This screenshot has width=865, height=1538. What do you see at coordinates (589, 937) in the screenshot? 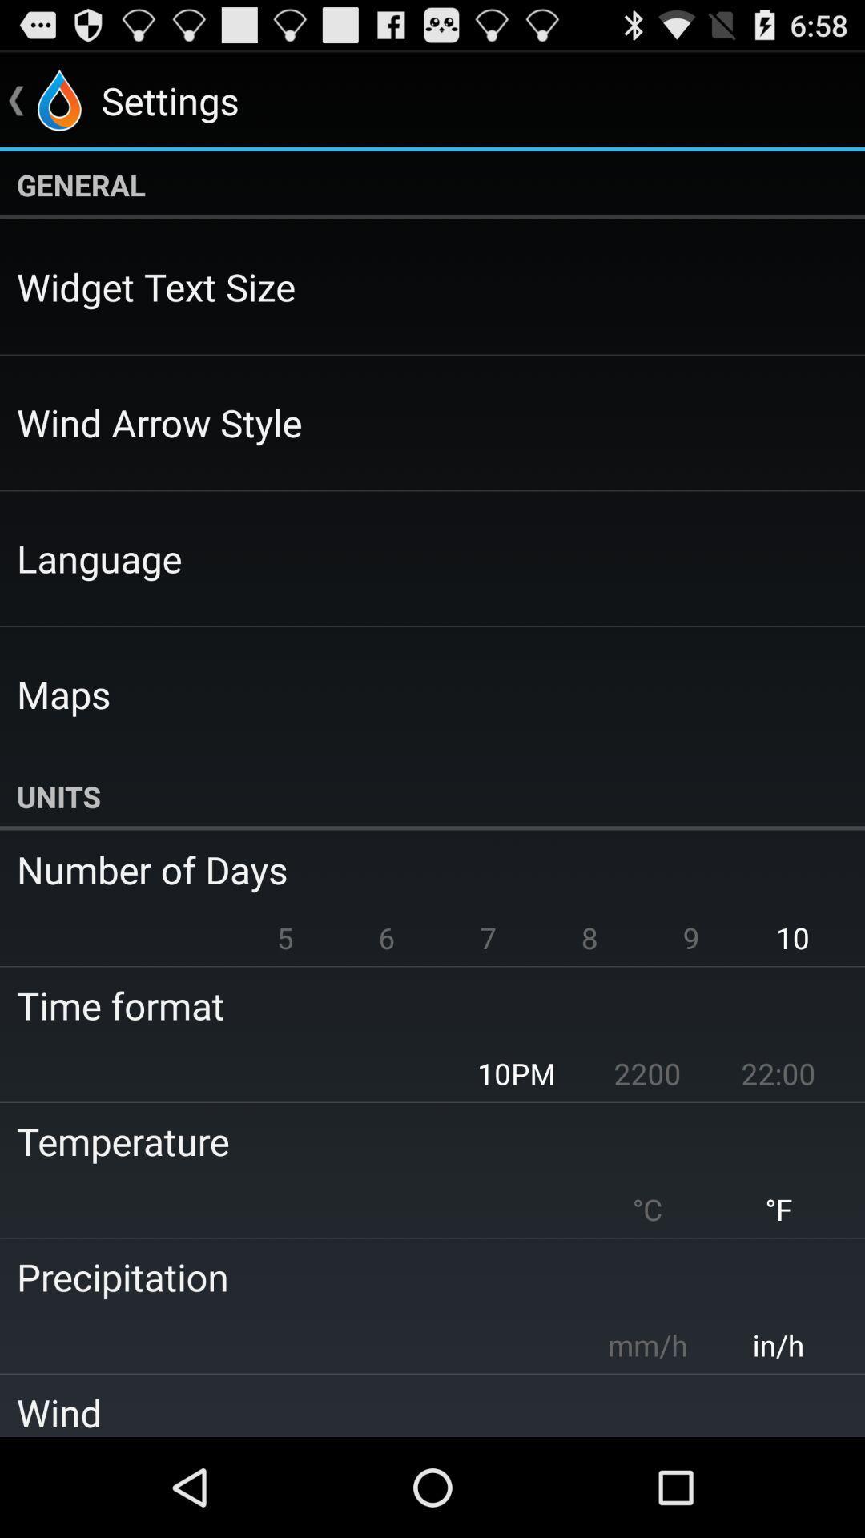
I see `item to the left of 9 item` at bounding box center [589, 937].